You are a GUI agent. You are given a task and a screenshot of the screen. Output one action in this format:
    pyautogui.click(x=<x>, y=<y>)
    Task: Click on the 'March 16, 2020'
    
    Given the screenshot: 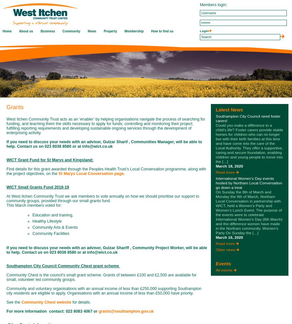 What is the action you would take?
    pyautogui.click(x=229, y=237)
    